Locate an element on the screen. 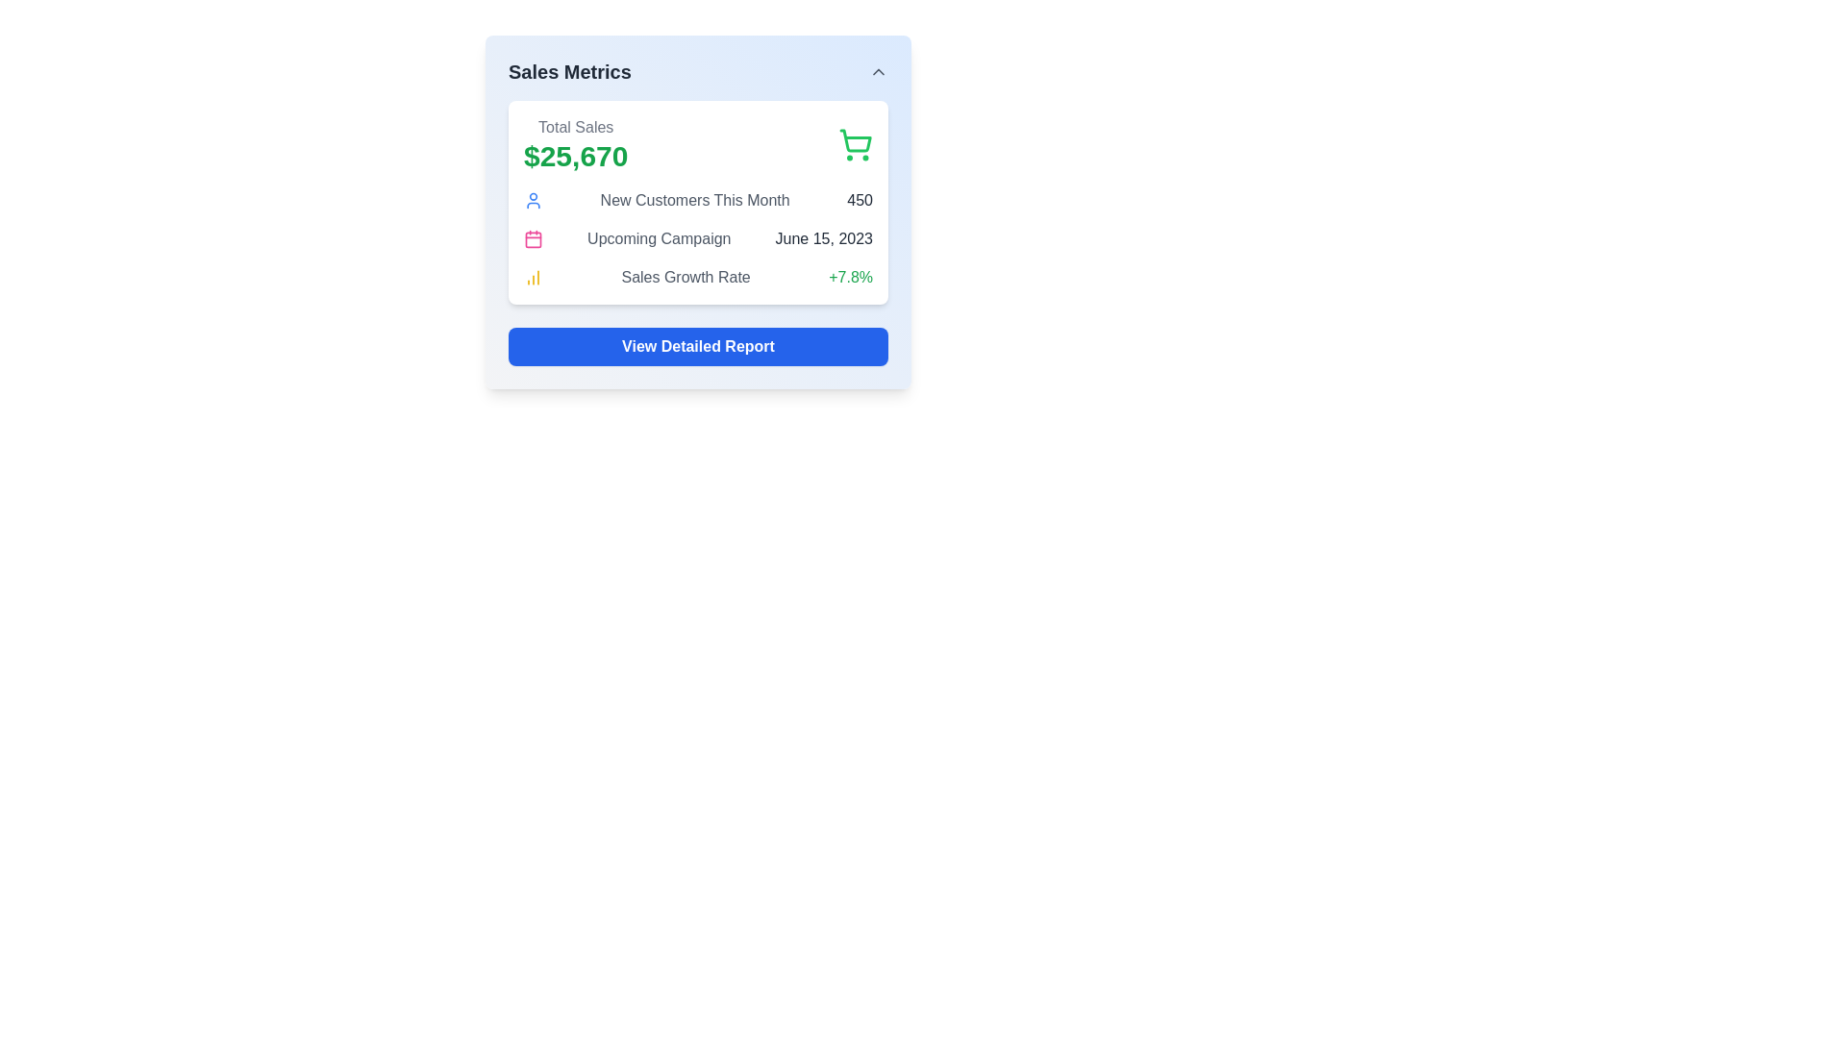 The image size is (1846, 1038). the text label displaying 'June 15, 2023' to read its text is located at coordinates (824, 238).